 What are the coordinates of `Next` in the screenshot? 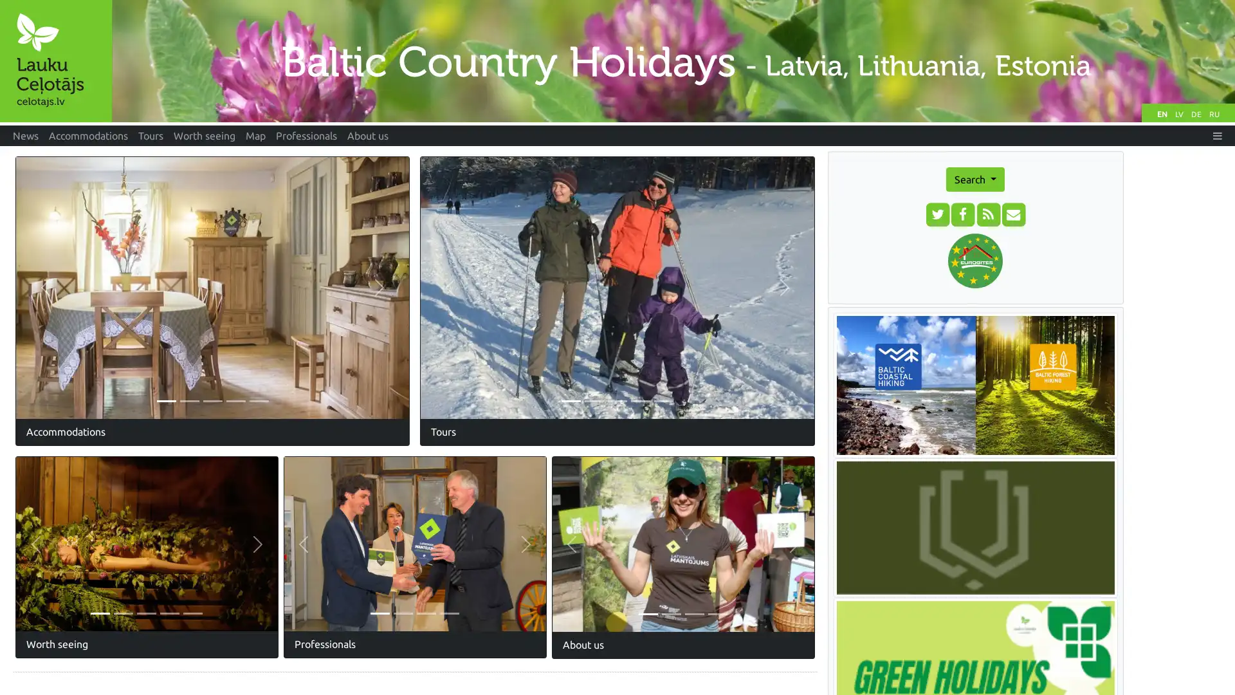 It's located at (793, 544).